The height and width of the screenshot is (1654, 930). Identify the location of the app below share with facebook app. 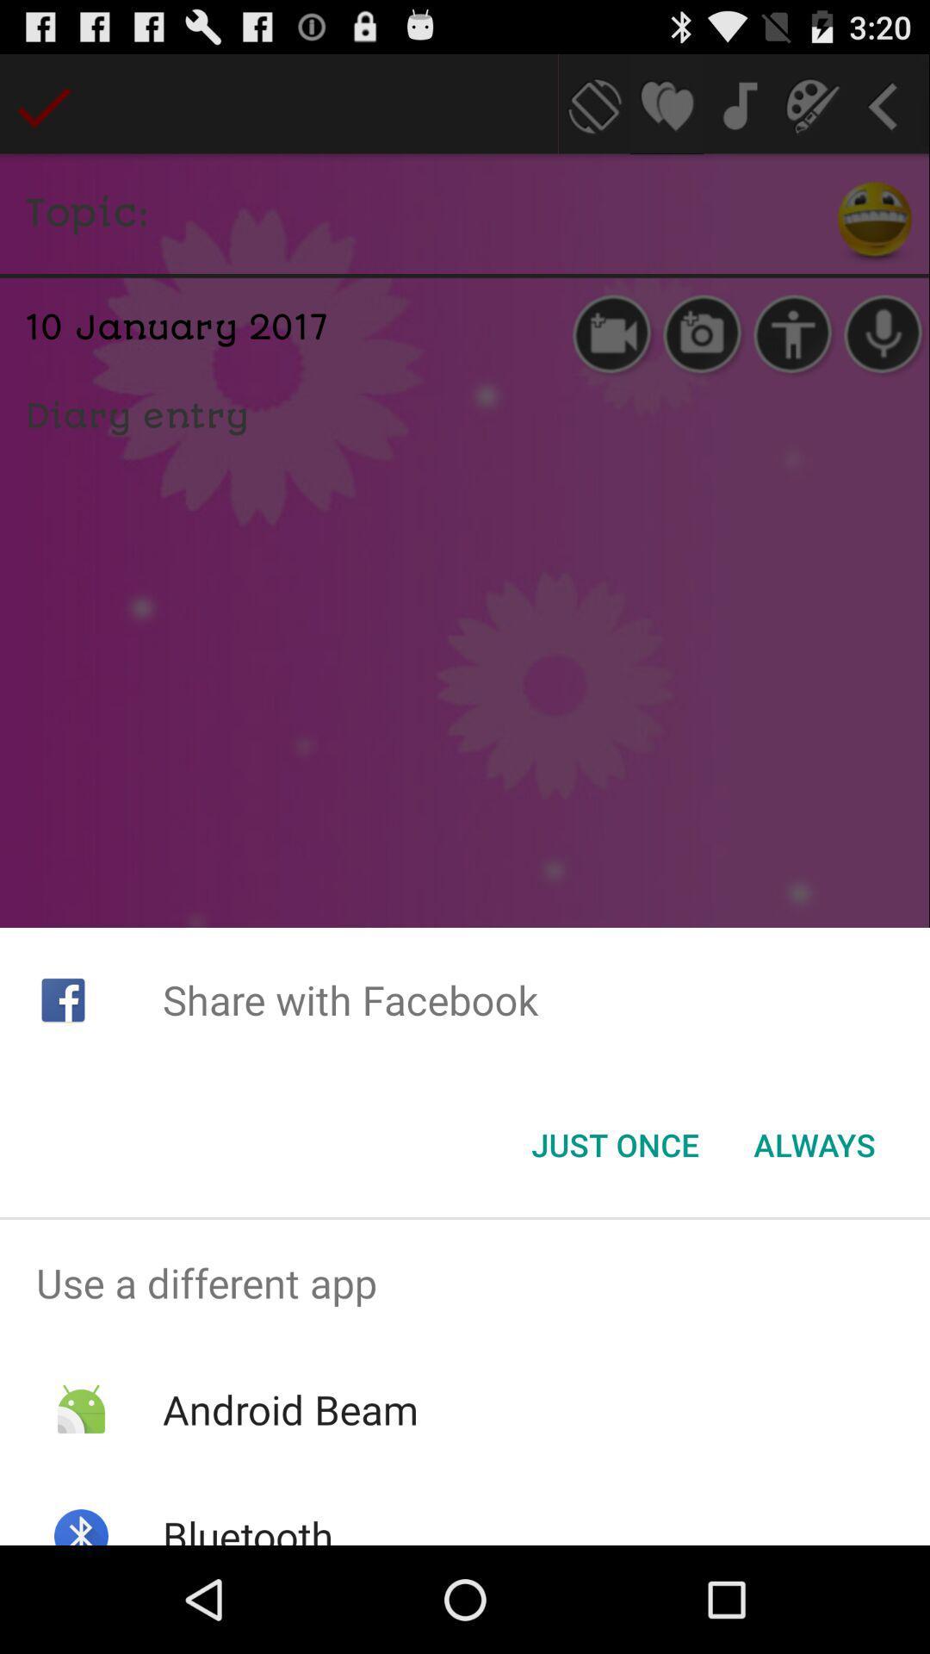
(614, 1145).